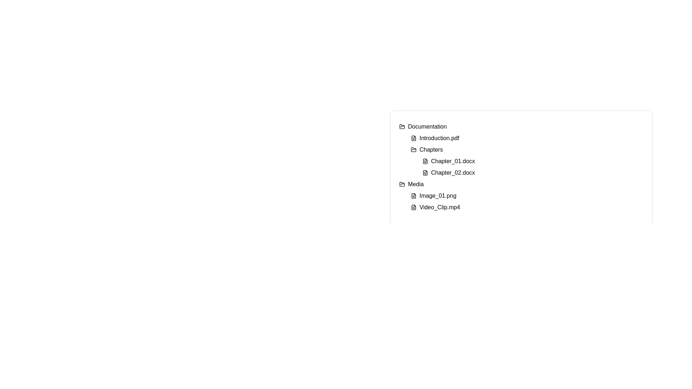 The width and height of the screenshot is (692, 389). Describe the element at coordinates (425, 173) in the screenshot. I see `the file icon representing 'Chapter_02.docx', which is styled with an outline design and positioned to the left of the text` at that location.